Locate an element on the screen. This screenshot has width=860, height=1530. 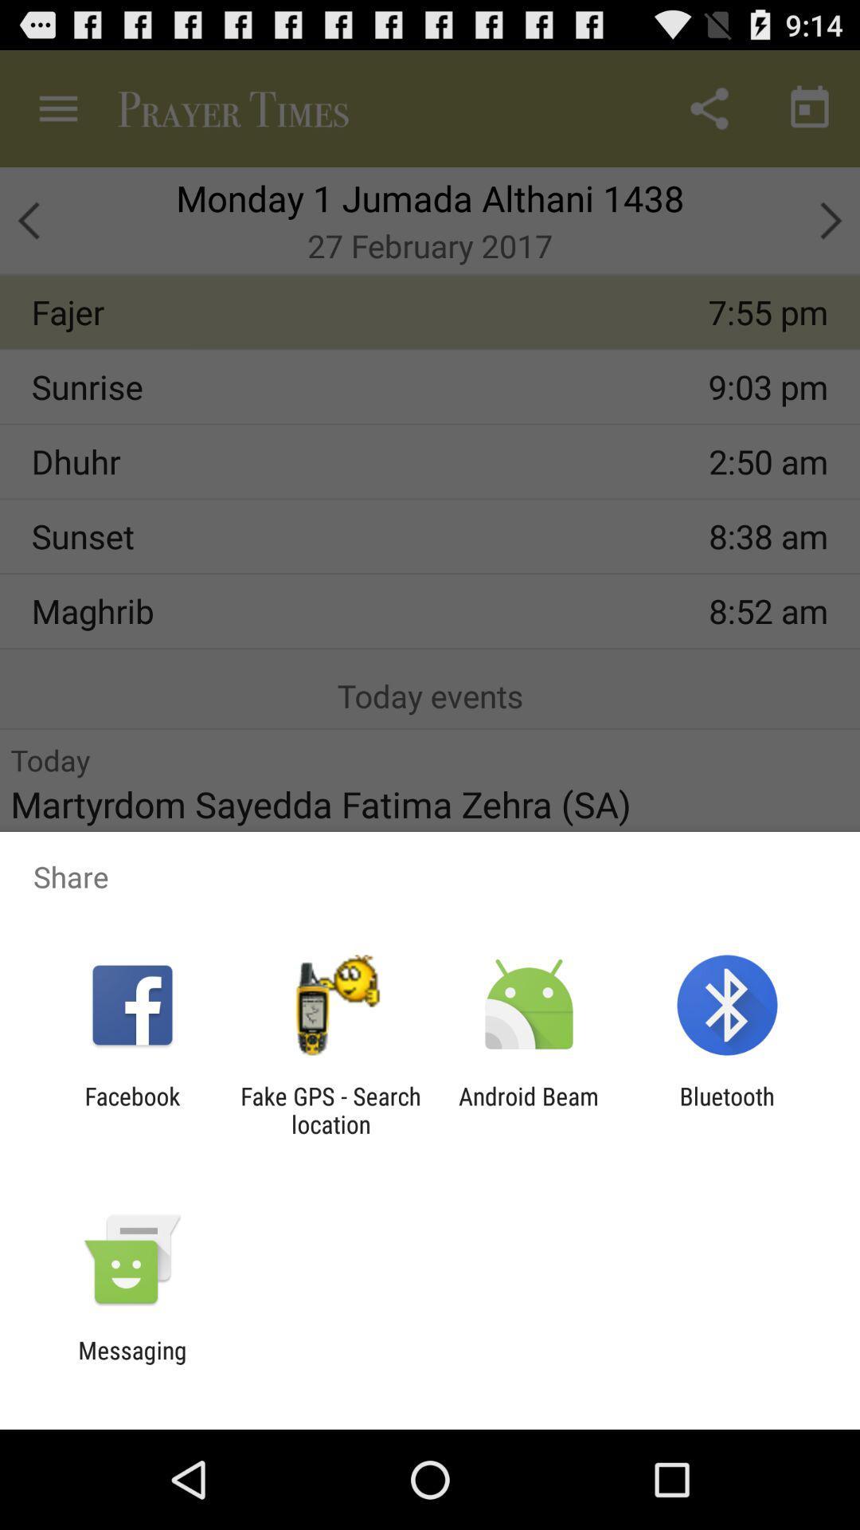
the app next to the android beam icon is located at coordinates (727, 1109).